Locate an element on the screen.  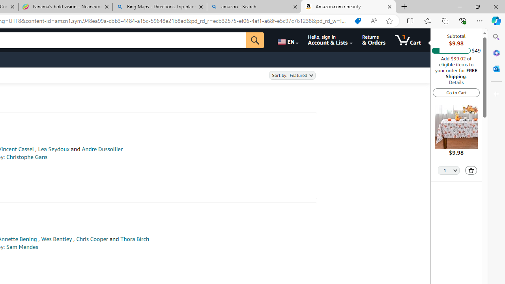
'Sort by:' is located at coordinates (292, 75).